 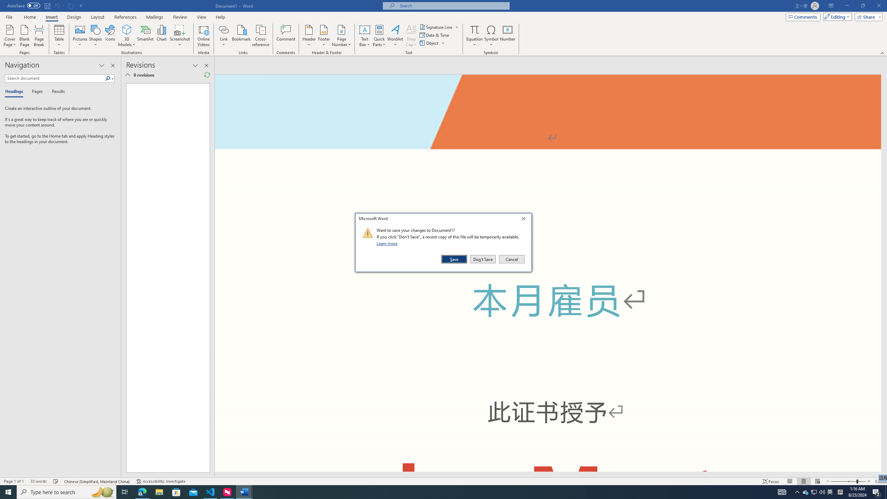 What do you see at coordinates (879, 481) in the screenshot?
I see `'Zoom 308%'` at bounding box center [879, 481].